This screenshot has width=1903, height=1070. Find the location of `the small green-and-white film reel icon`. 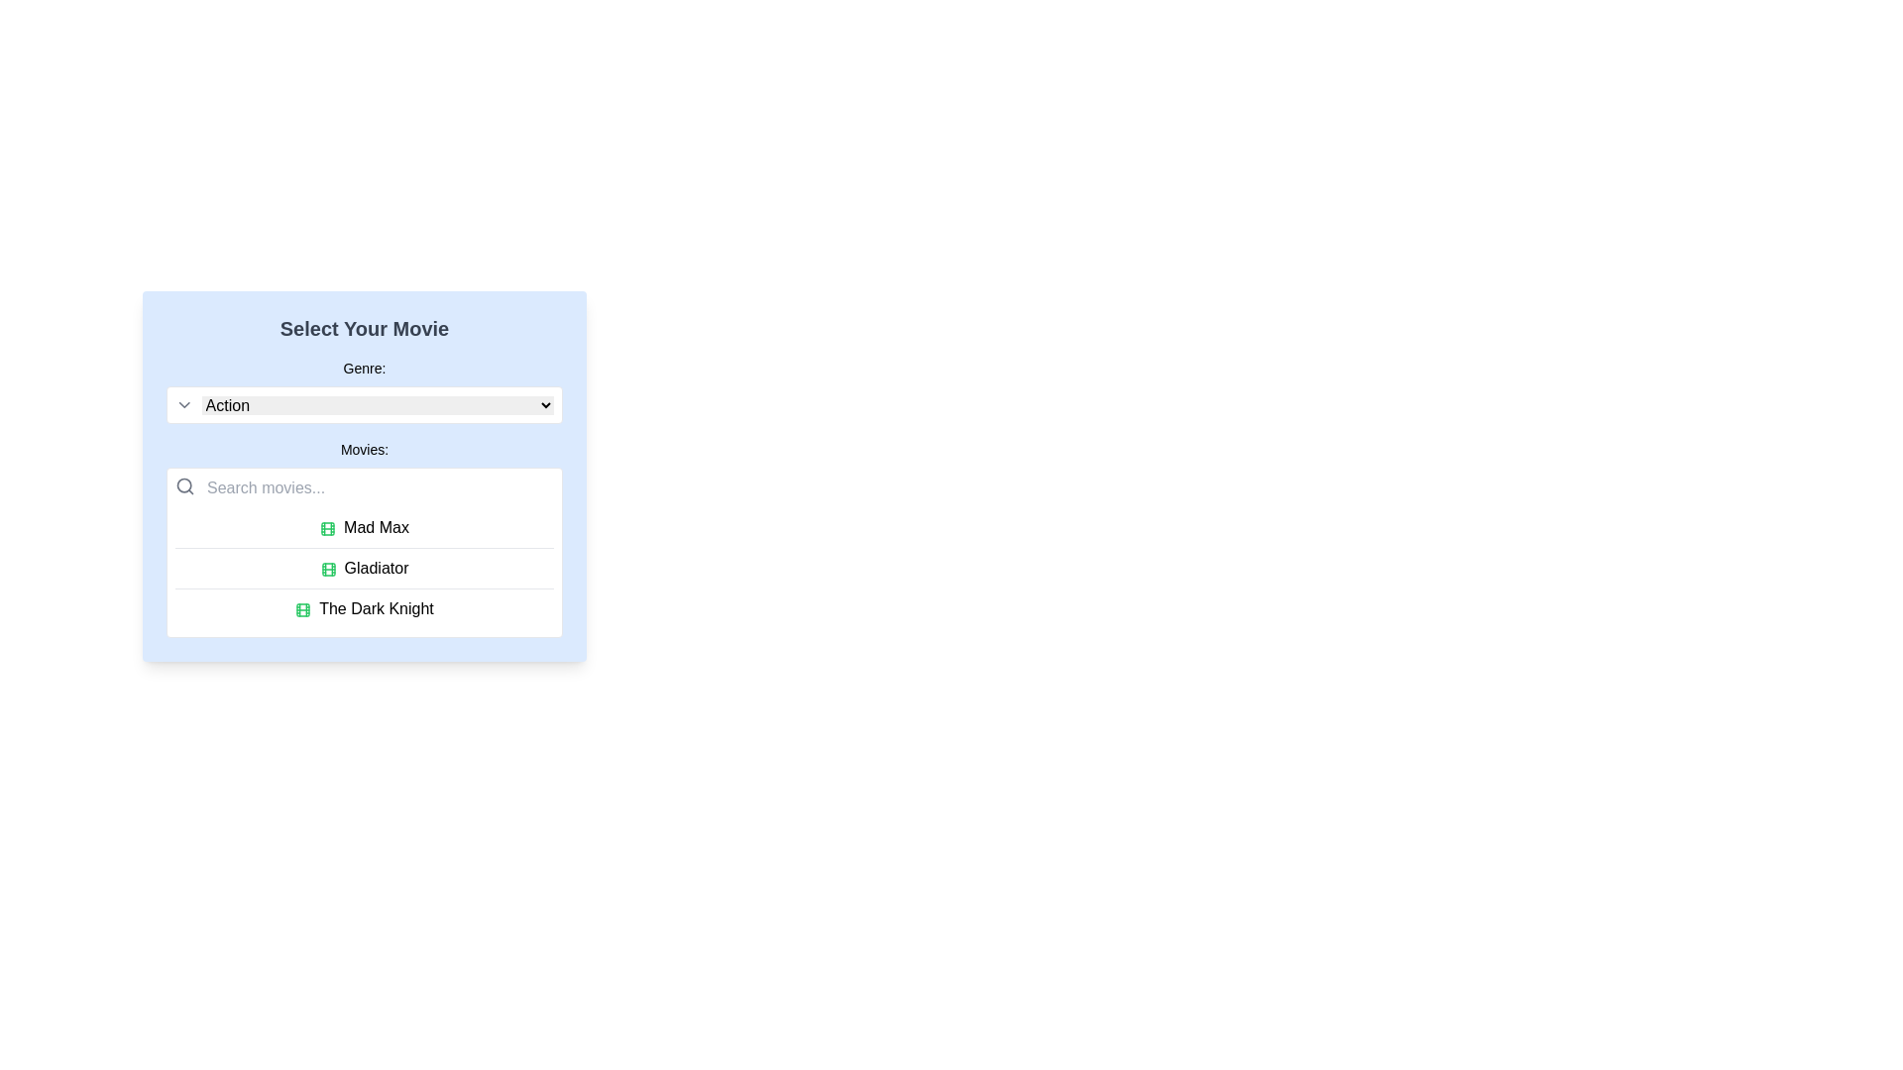

the small green-and-white film reel icon is located at coordinates (302, 608).